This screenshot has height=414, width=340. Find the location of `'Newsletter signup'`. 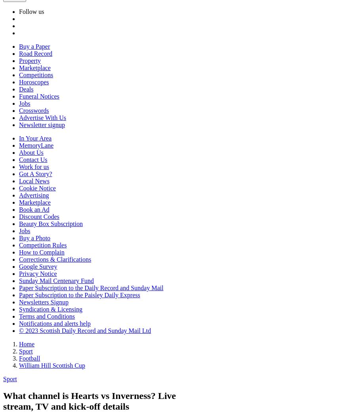

'Newsletter signup' is located at coordinates (18, 124).